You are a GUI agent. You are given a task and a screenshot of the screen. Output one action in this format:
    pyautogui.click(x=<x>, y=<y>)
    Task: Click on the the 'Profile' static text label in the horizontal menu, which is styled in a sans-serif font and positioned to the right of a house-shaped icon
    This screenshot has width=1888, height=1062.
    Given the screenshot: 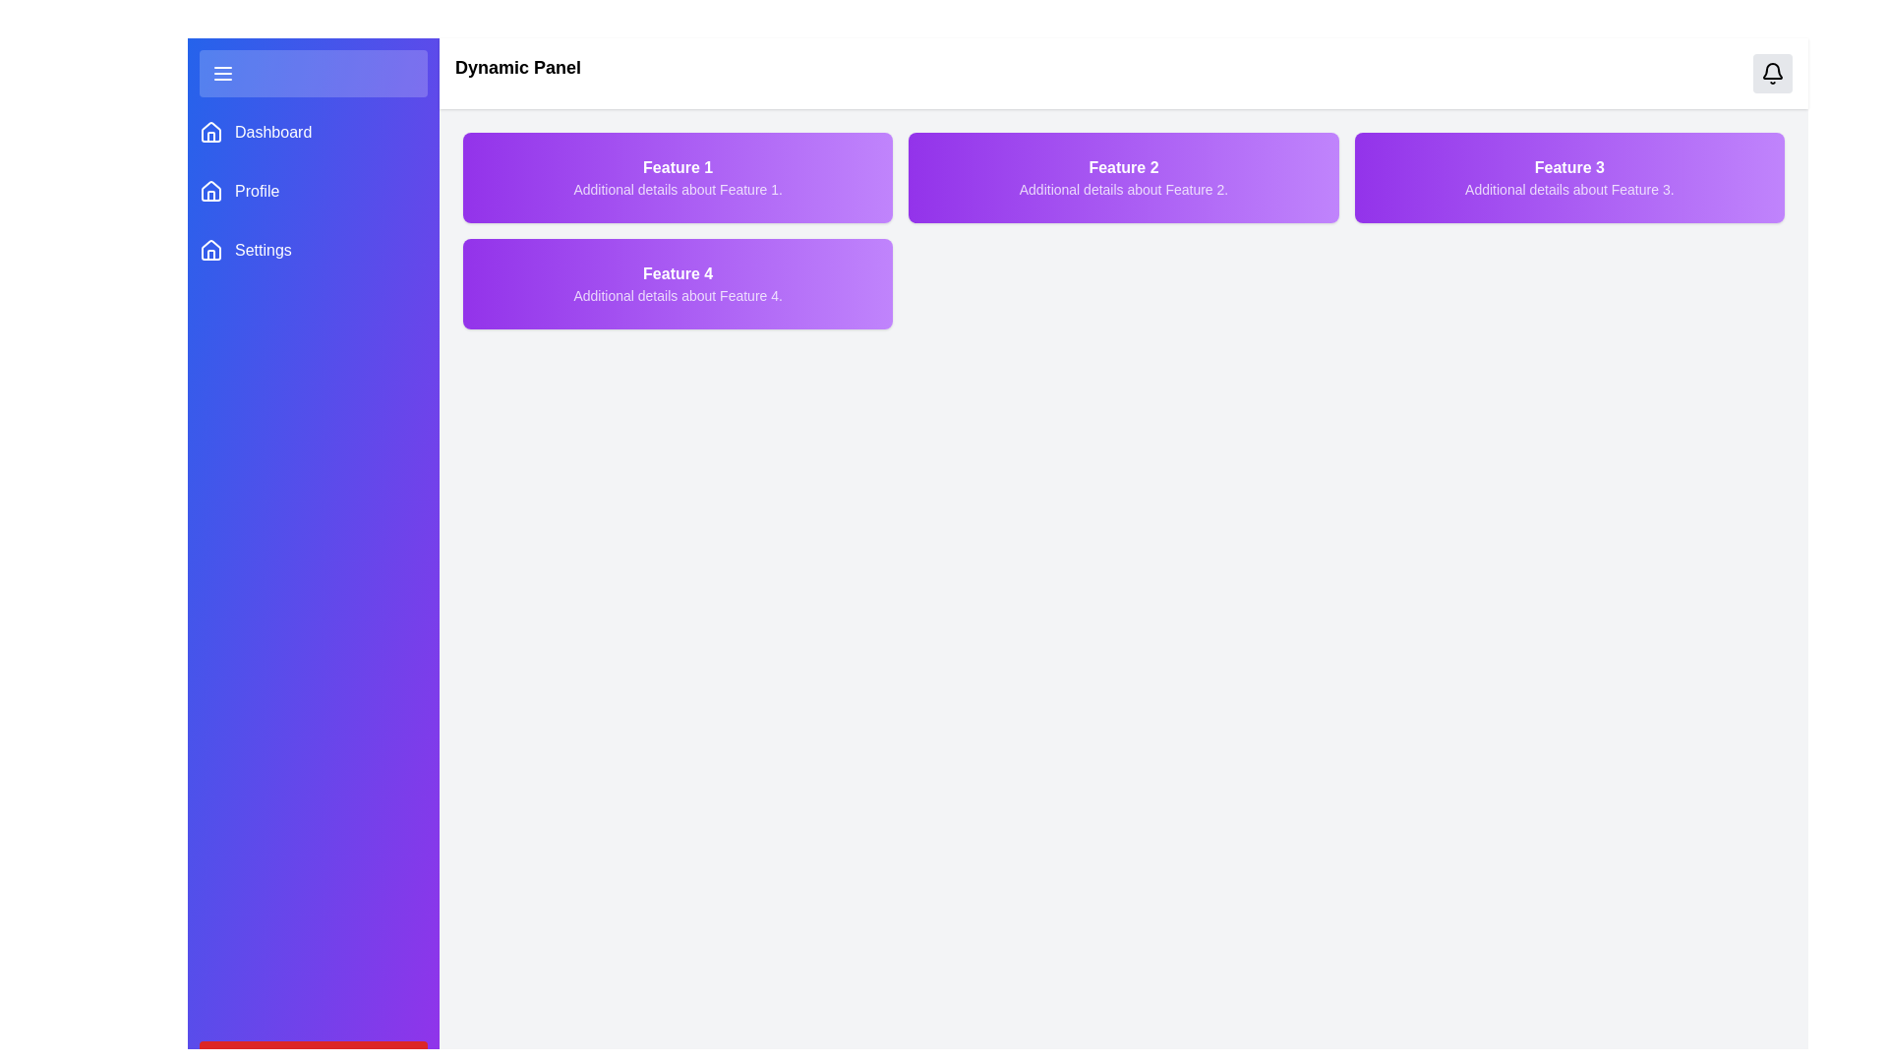 What is the action you would take?
    pyautogui.click(x=256, y=192)
    